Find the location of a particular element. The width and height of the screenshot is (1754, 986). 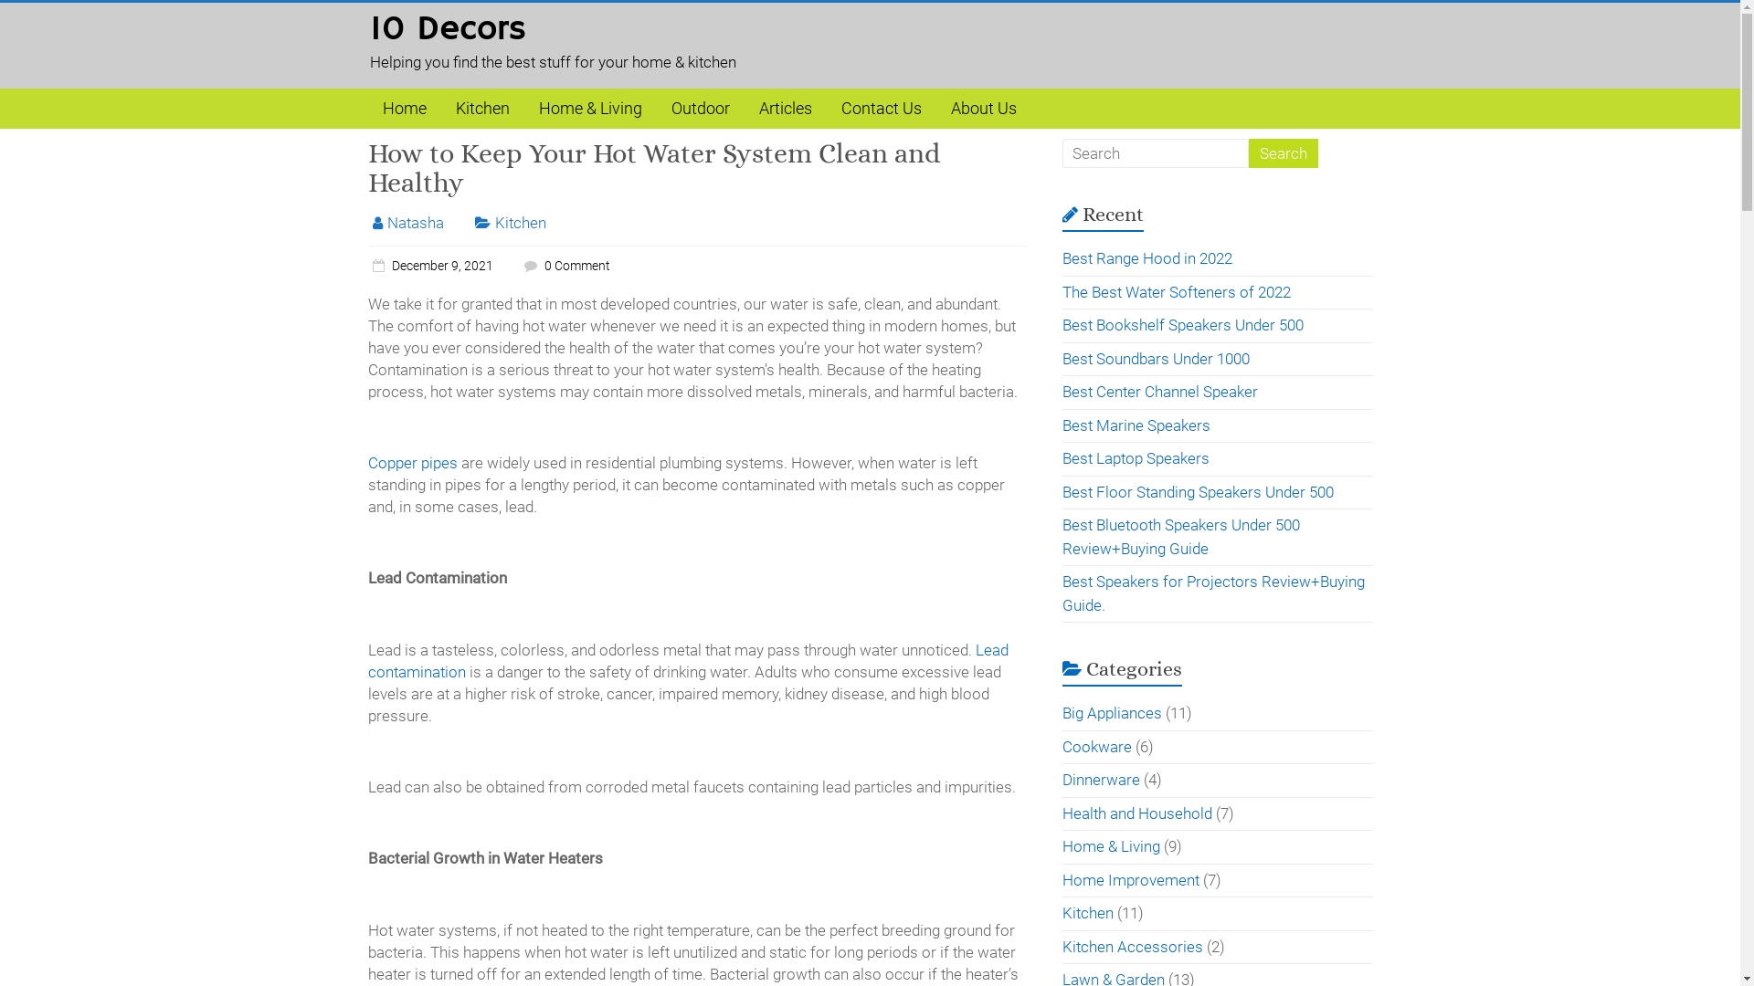

'Best Marine Speakers' is located at coordinates (1135, 425).